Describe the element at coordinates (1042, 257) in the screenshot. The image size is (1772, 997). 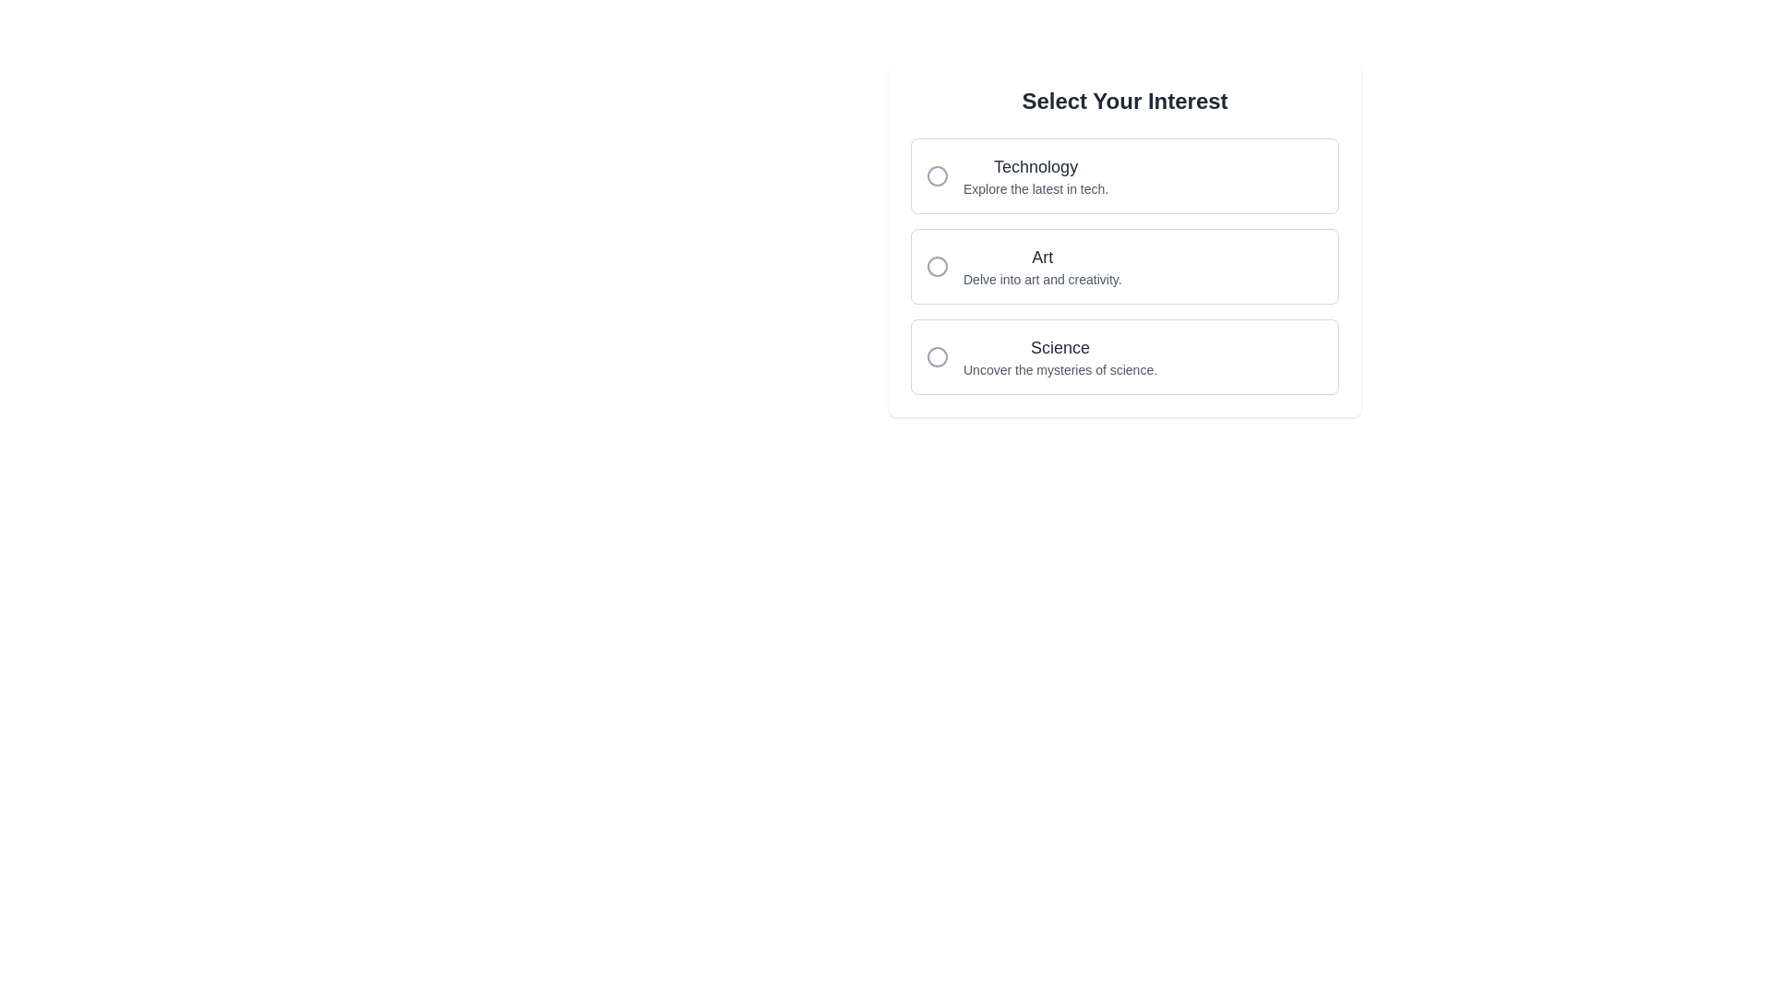
I see `the text label that serves as the section title for the second option card in the 'Select Your Interest' list, which is positioned above the subtitle 'Delve into art and creativity.'` at that location.